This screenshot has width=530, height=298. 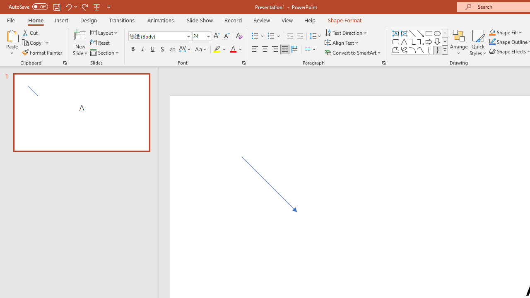 What do you see at coordinates (437, 50) in the screenshot?
I see `'Right Brace'` at bounding box center [437, 50].